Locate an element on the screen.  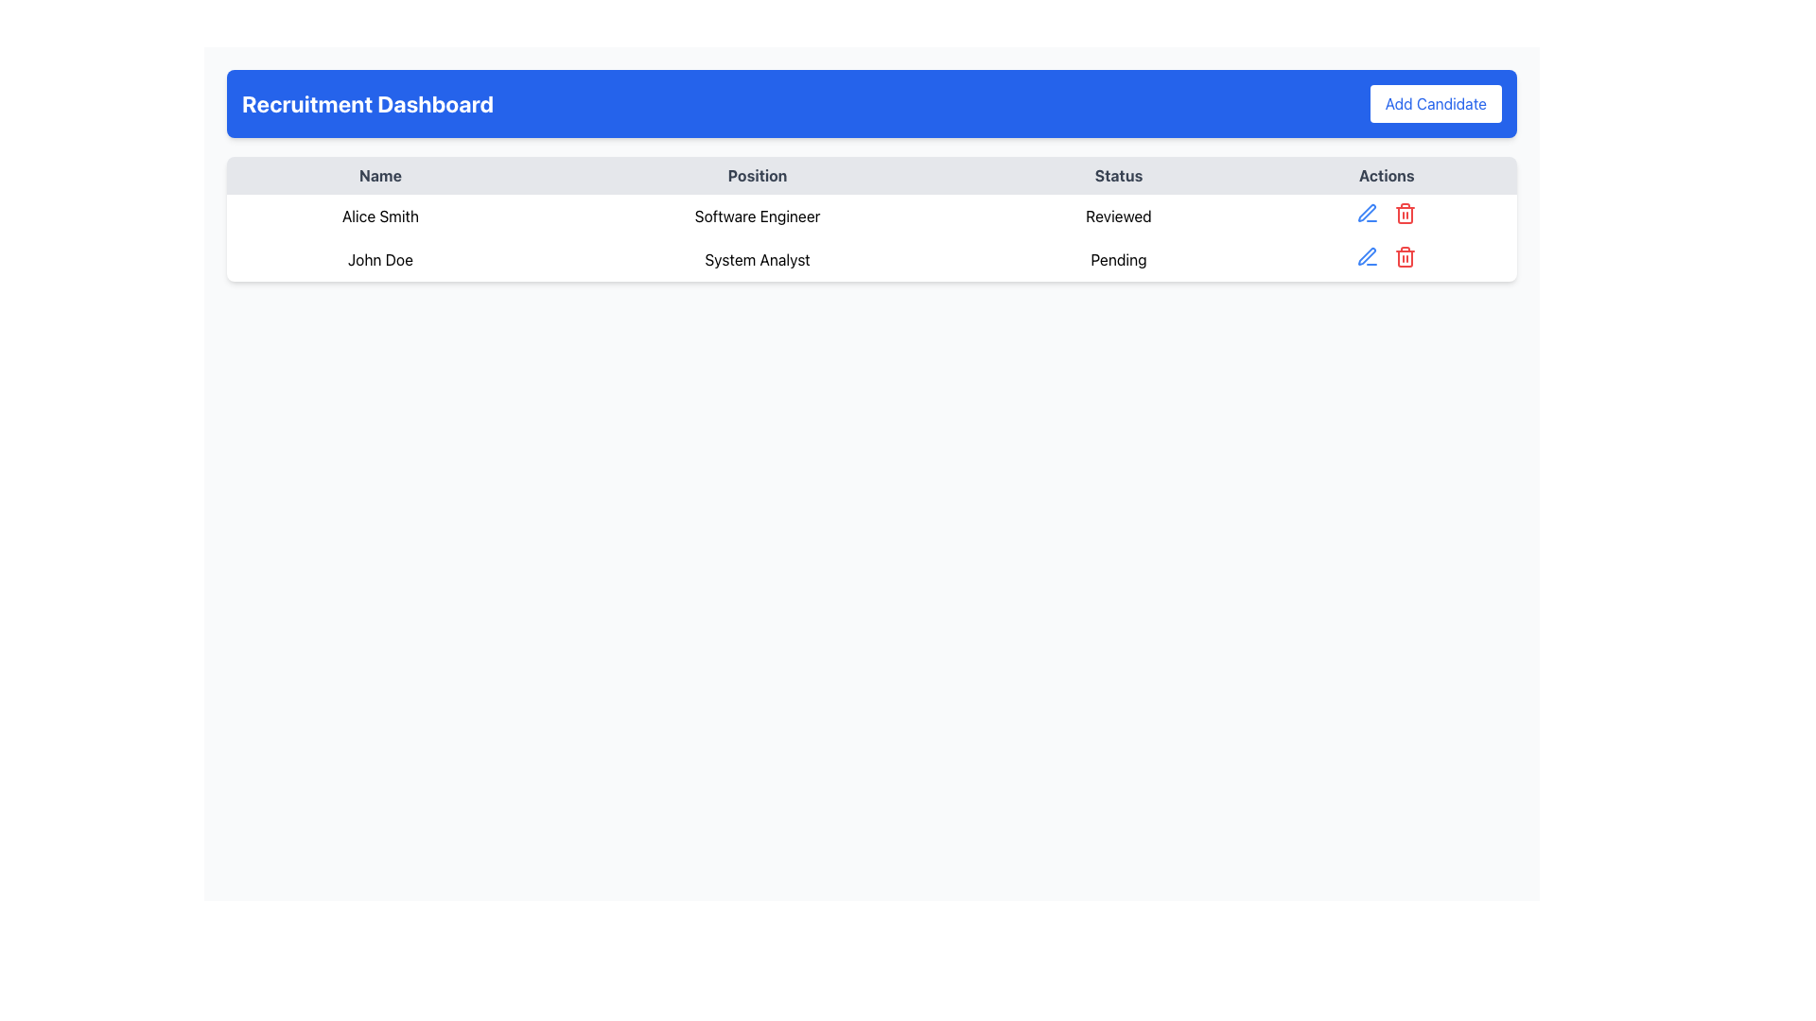
the Trash Bin icon in the Actions column of the second row associated with John Doe is located at coordinates (1406, 213).